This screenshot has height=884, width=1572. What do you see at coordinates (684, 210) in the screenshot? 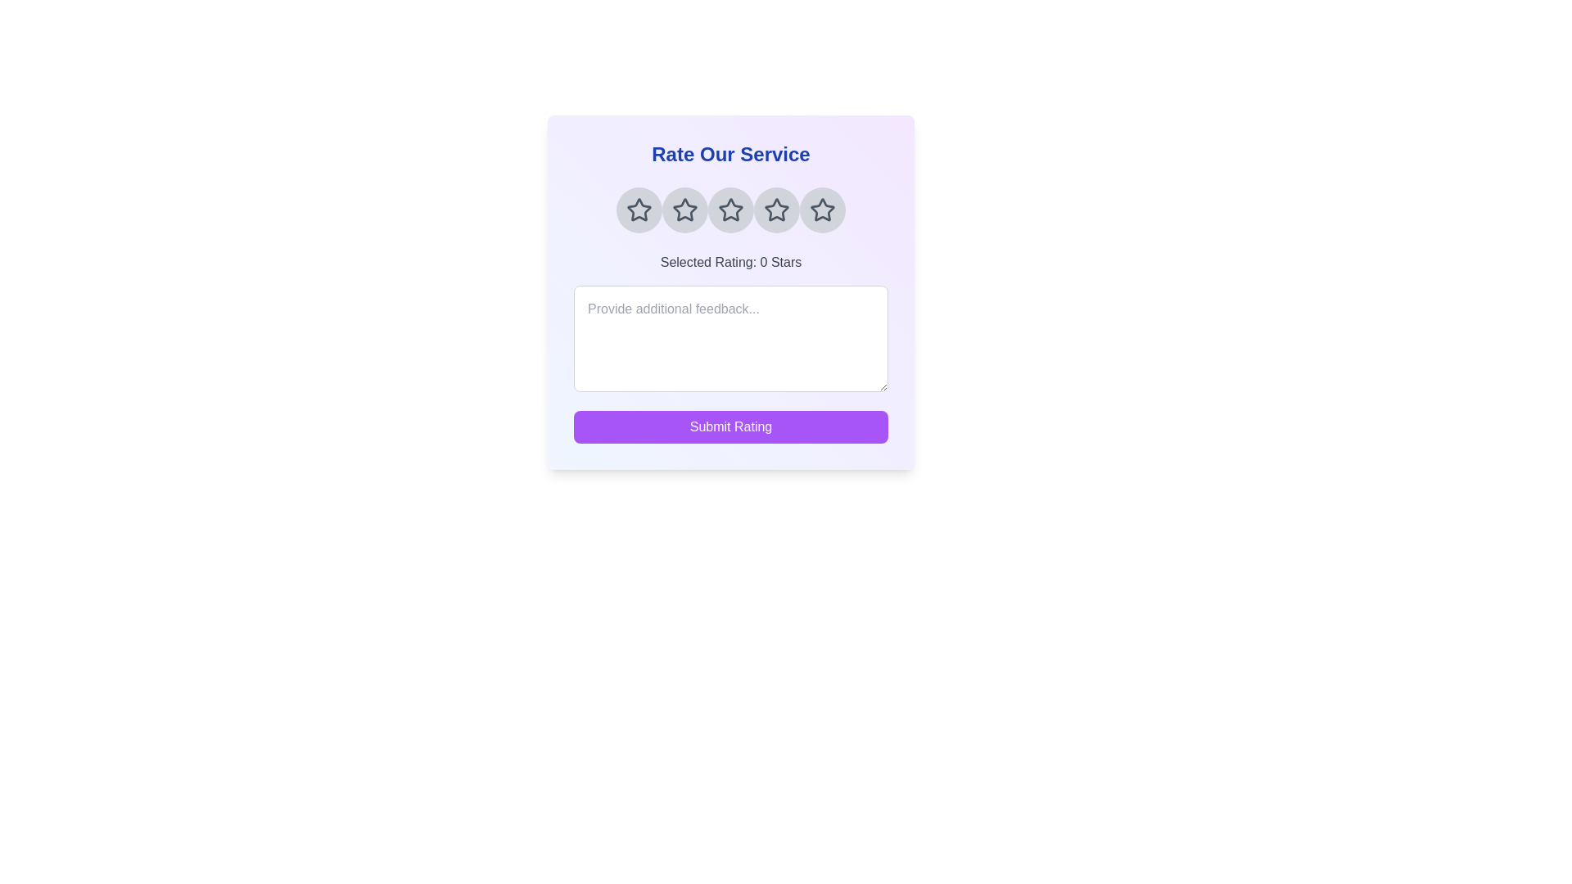
I see `the star corresponding to the desired rating 2` at bounding box center [684, 210].